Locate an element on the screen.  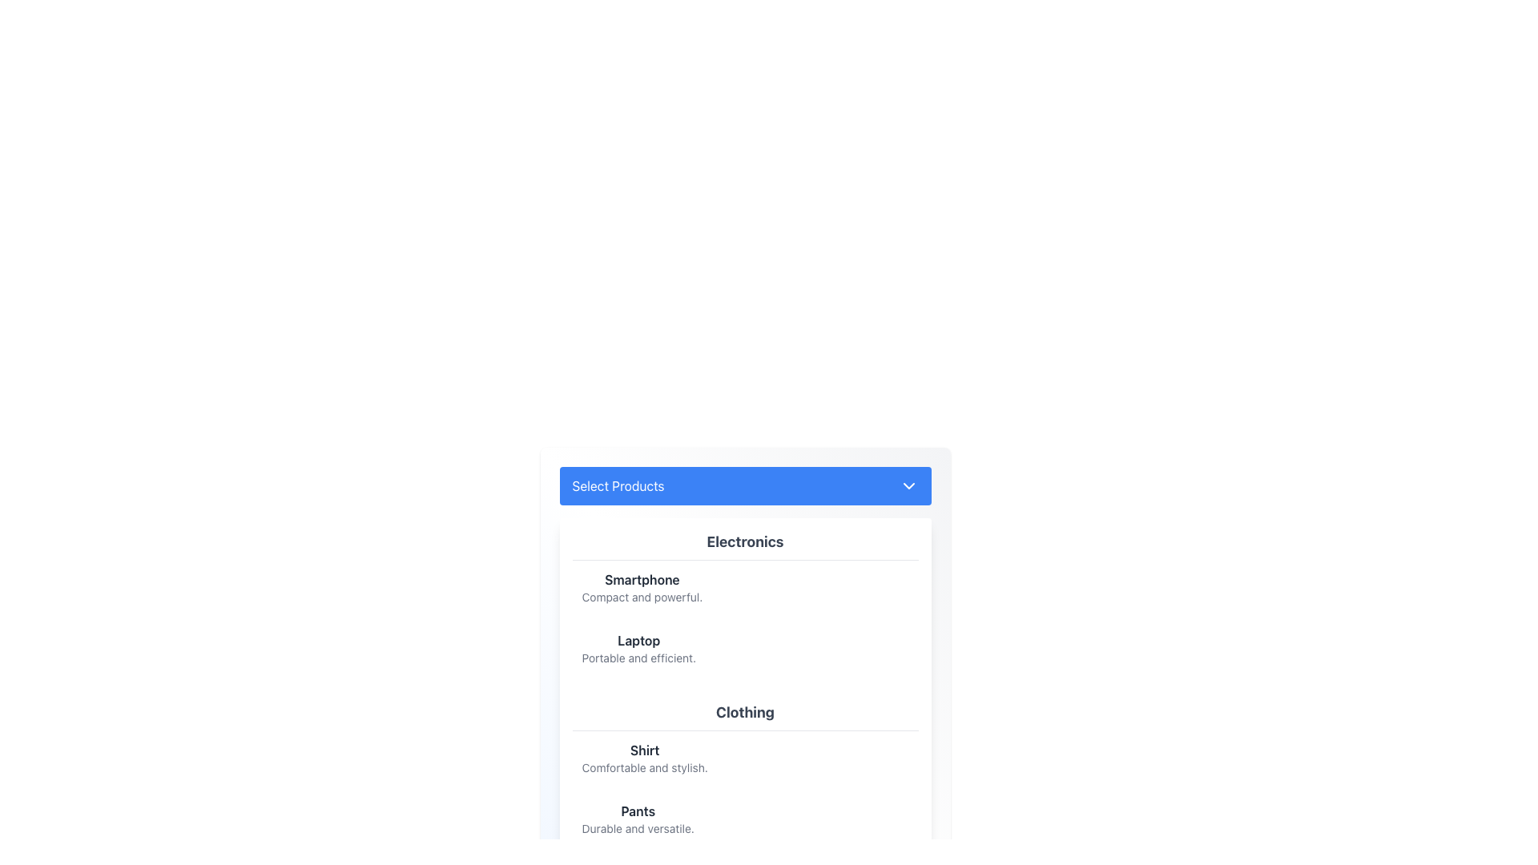
the 'Laptop' text label element, which is styled in bold dark gray font and positioned in the dropdown list under the 'Electronics' category is located at coordinates (638, 639).